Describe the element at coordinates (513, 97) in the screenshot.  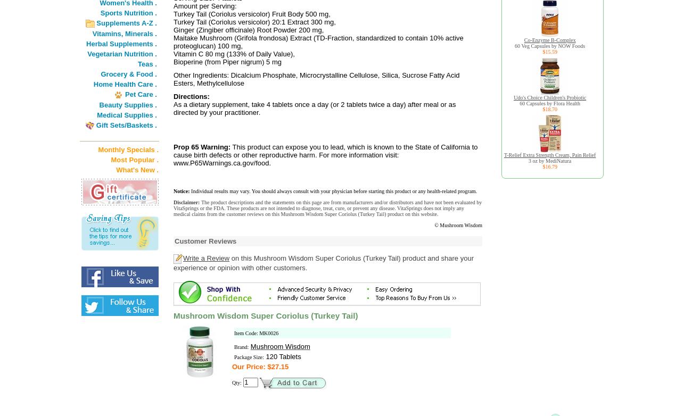
I see `'Udo's Choice Children's Probiotic'` at that location.